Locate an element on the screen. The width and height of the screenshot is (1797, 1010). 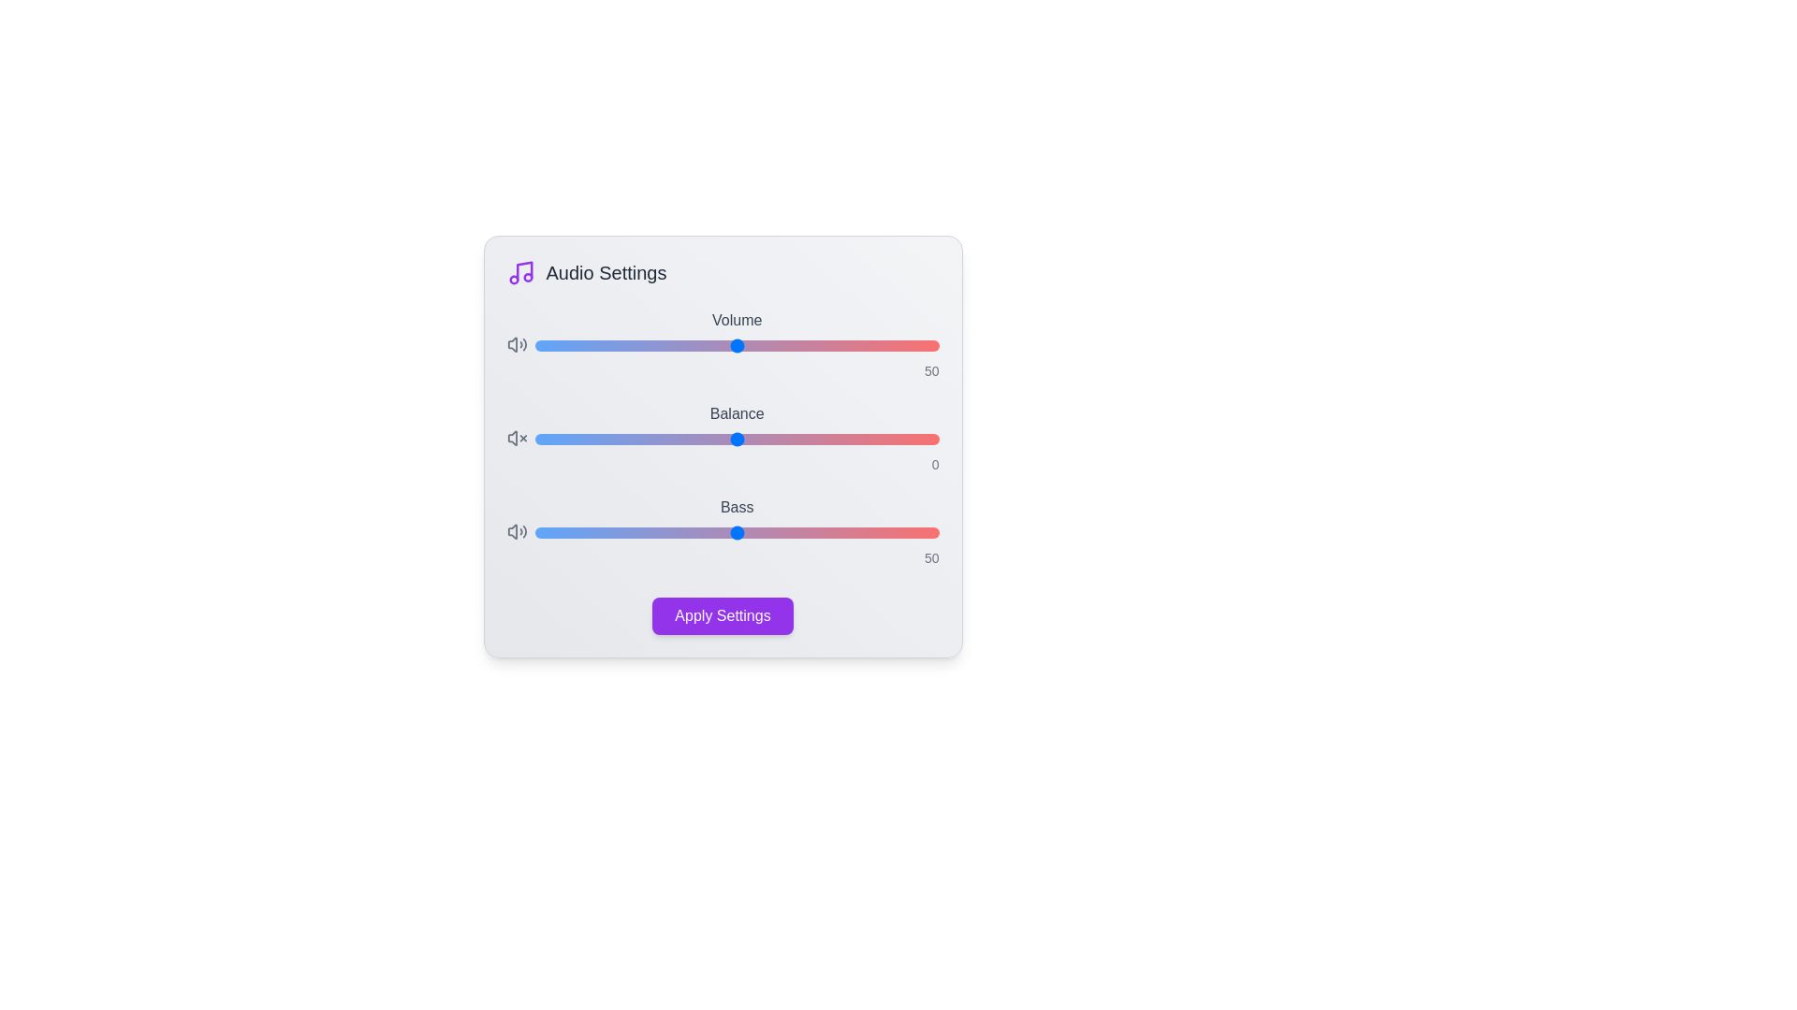
the 'Bass' slider to 22 is located at coordinates (623, 533).